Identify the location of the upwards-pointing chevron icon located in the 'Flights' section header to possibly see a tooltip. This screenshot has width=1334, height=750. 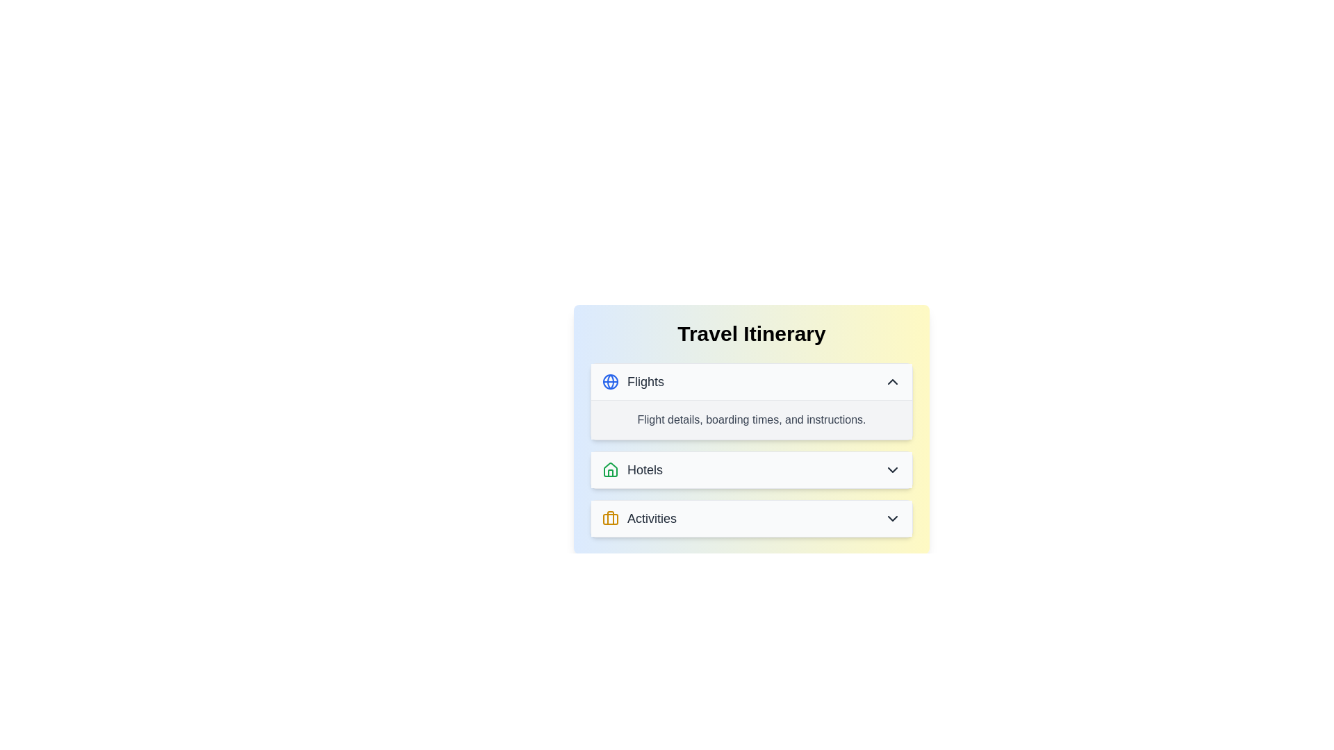
(893, 382).